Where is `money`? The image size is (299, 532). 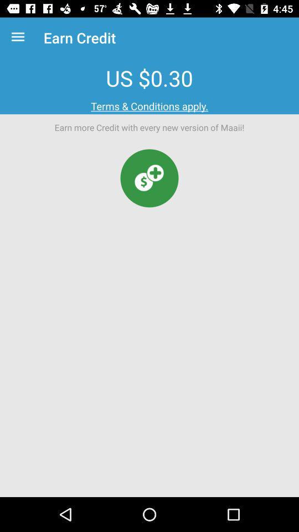
money is located at coordinates (149, 178).